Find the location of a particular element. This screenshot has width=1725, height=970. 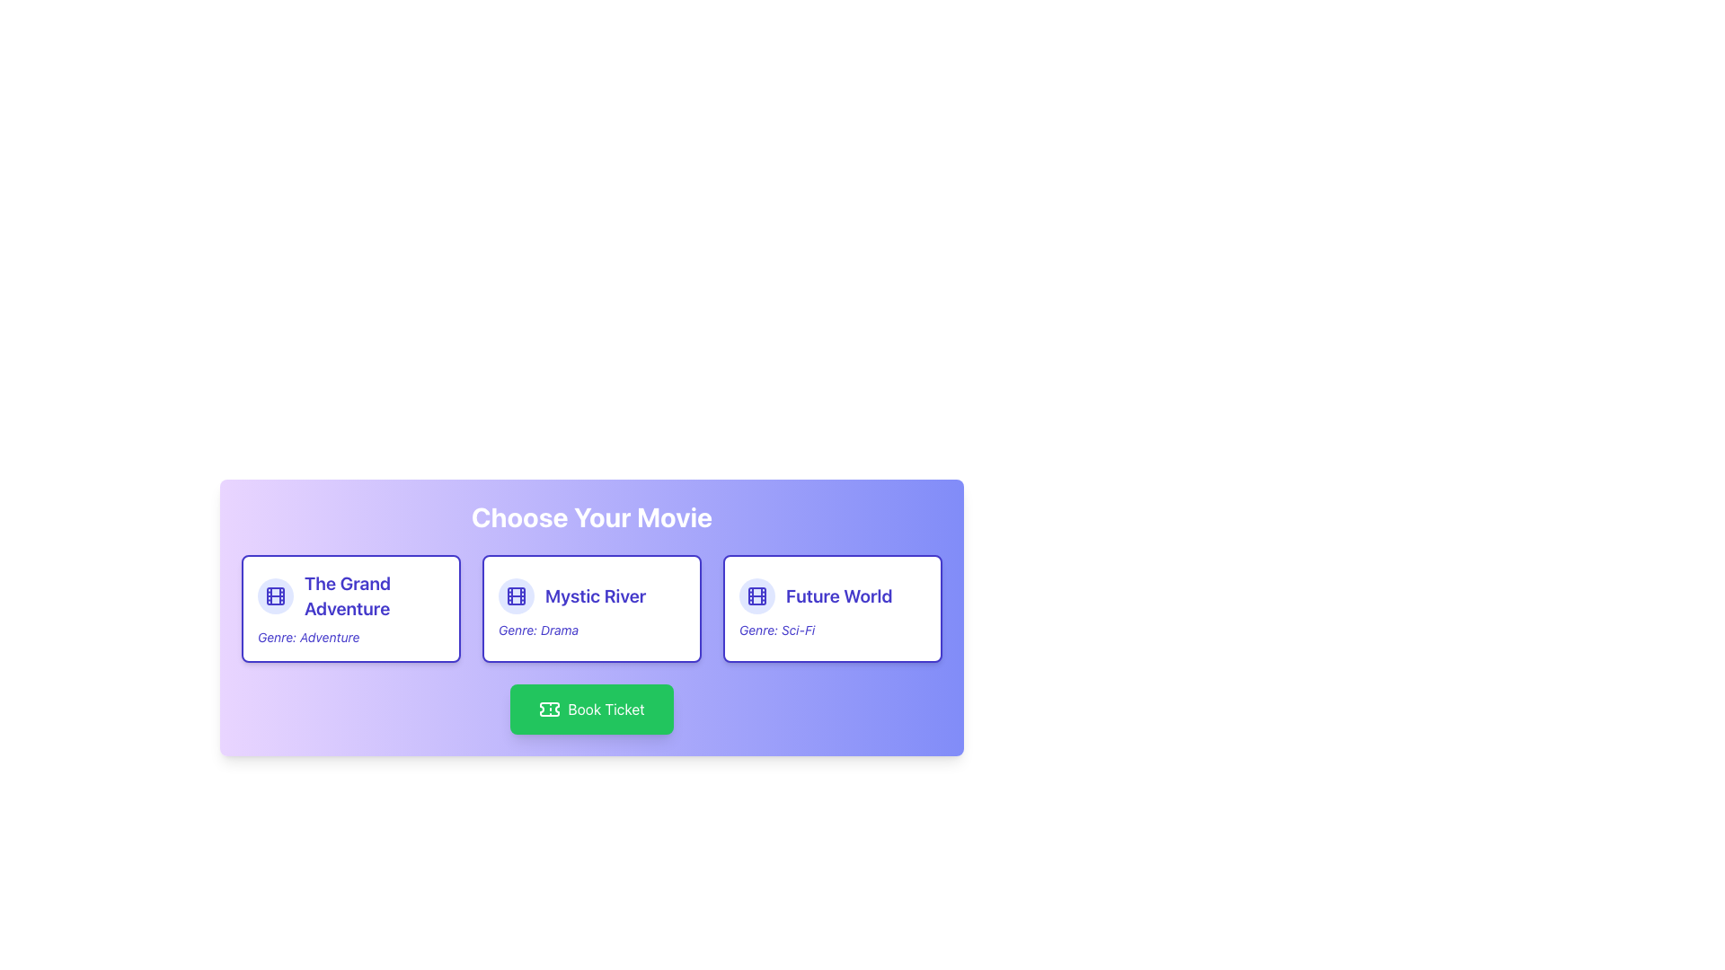

the 'Book Ticket' button which contains the decorative graphic/icon, located centrally below the three movie options is located at coordinates (549, 709).